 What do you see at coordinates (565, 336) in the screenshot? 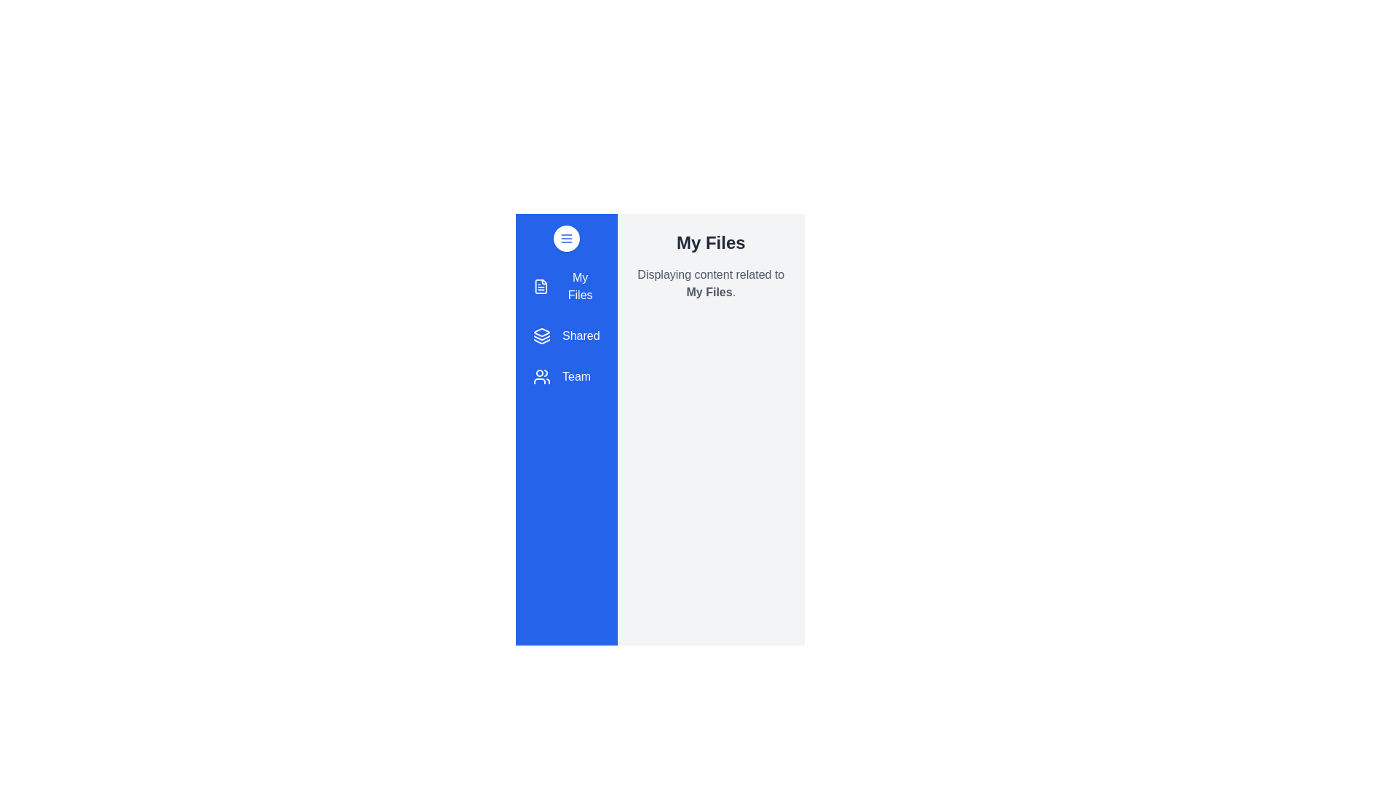
I see `the section Shared in the drawer to view its content` at bounding box center [565, 336].